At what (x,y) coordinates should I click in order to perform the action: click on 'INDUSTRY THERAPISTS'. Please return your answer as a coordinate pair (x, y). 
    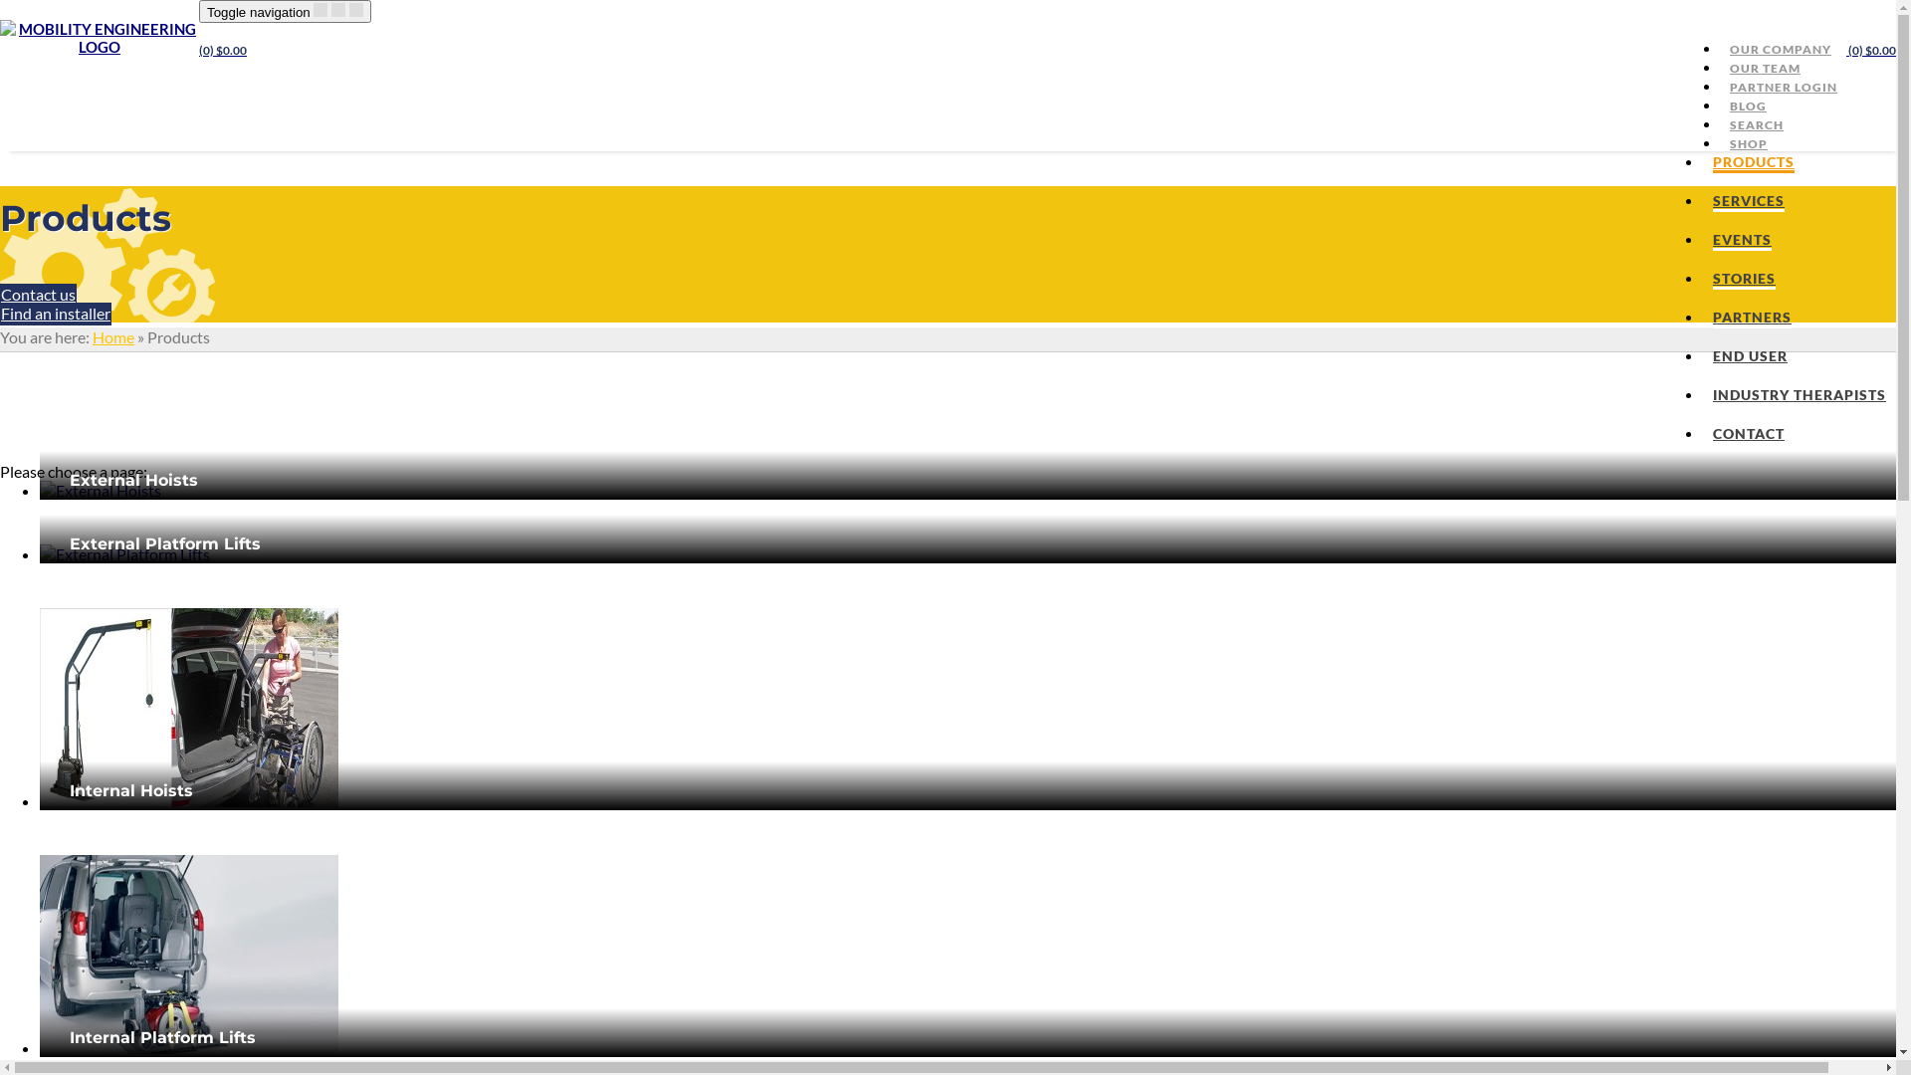
    Looking at the image, I should click on (1800, 395).